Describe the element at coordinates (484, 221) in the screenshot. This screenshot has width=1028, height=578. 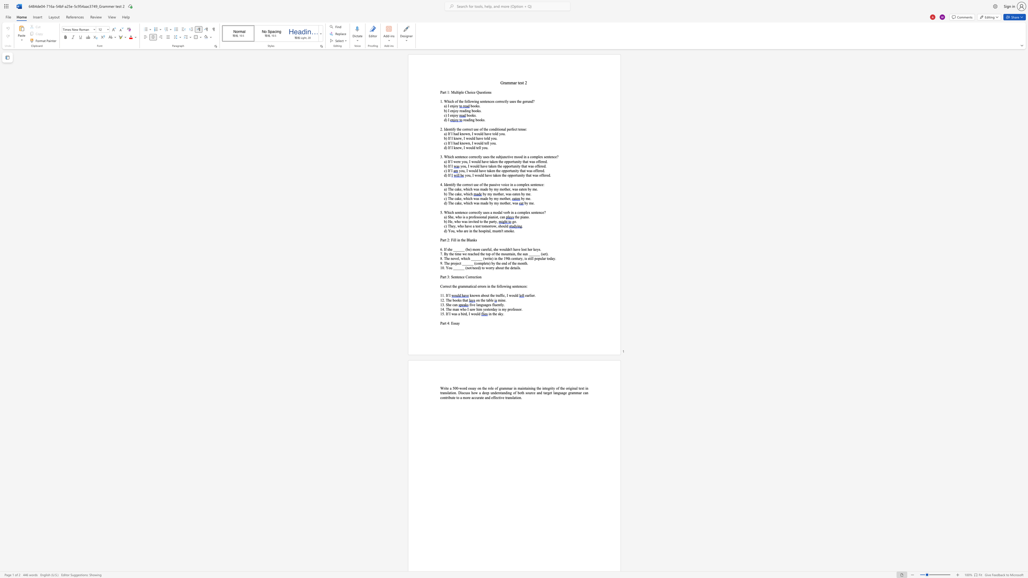
I see `the subset text "he" within the text "b) He, who was invited to the party,"` at that location.